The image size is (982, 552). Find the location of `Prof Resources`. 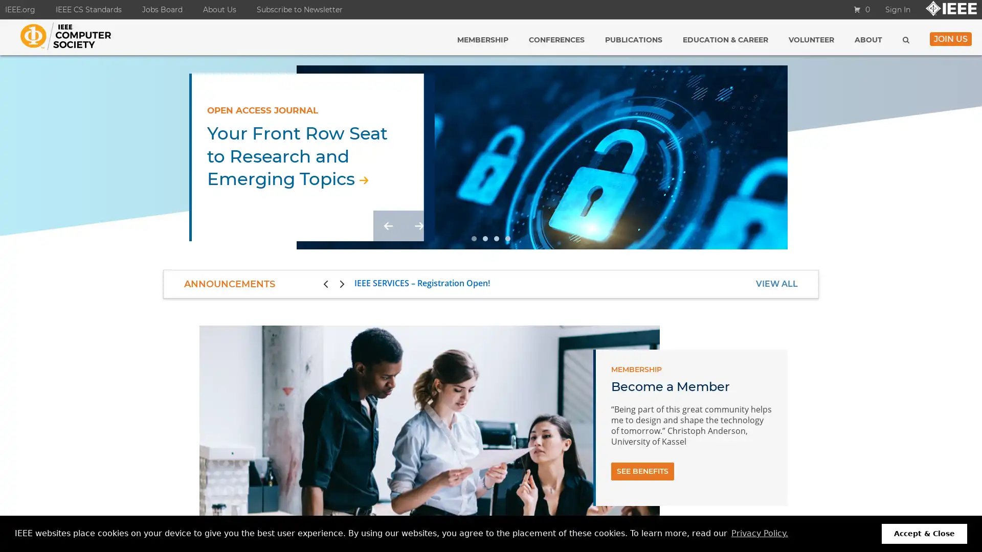

Prof Resources is located at coordinates (496, 238).